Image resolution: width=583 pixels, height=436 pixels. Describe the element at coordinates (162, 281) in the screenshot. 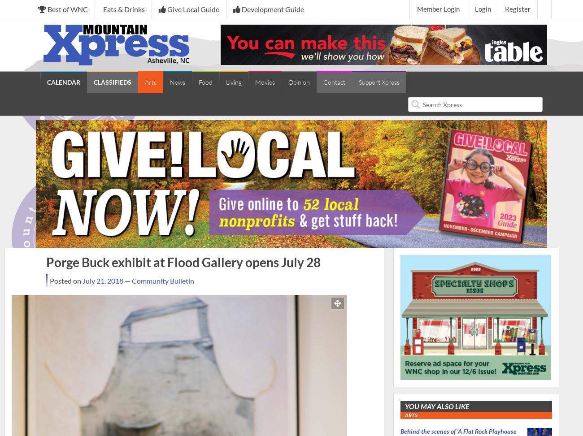

I see `'Community Bulletin'` at that location.